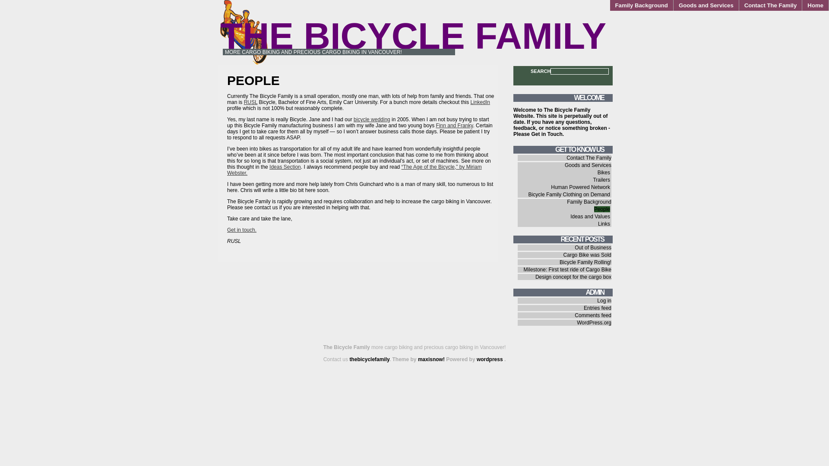 The height and width of the screenshot is (466, 829). Describe the element at coordinates (574, 248) in the screenshot. I see `'Out of Business'` at that location.